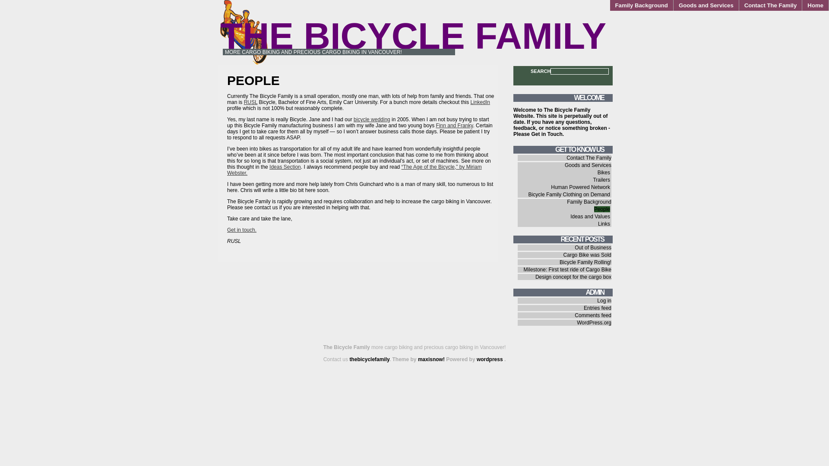 The height and width of the screenshot is (466, 829). Describe the element at coordinates (574, 248) in the screenshot. I see `'Out of Business'` at that location.